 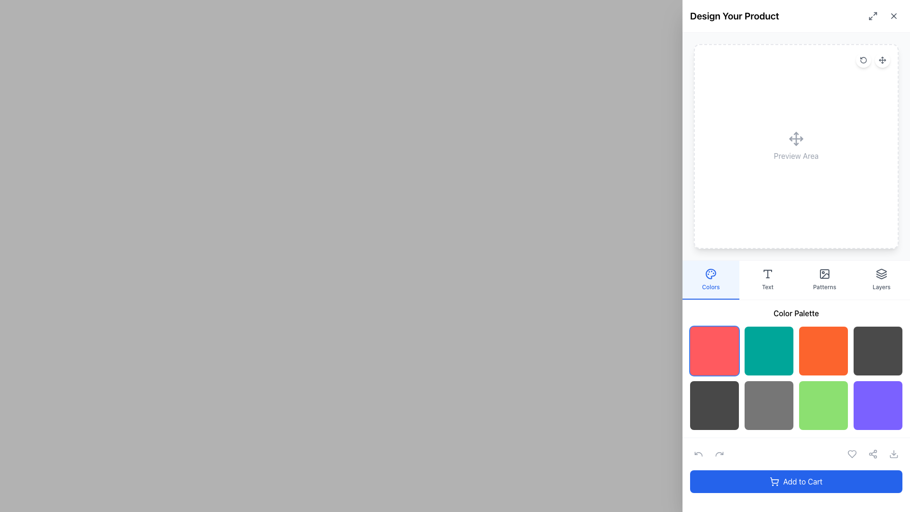 What do you see at coordinates (710, 286) in the screenshot?
I see `the Text Label located below the color palette icon on the left-hand side of the interface, which serves as a descriptor for the section related to colors` at bounding box center [710, 286].